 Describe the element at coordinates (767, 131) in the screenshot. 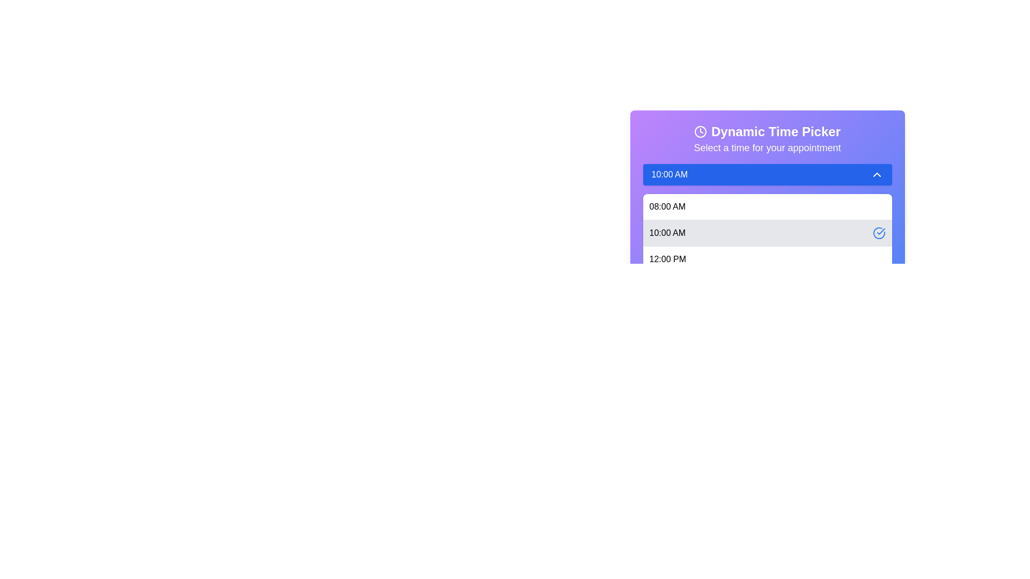

I see `the Title with icon that serves as a header for the time selection interface, providing context to the user about the dropdown menu and associated controls` at that location.